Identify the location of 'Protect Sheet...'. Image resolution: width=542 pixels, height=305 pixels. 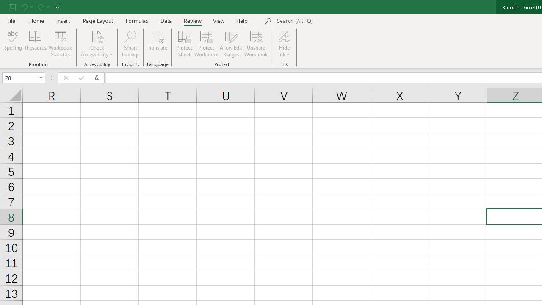
(184, 44).